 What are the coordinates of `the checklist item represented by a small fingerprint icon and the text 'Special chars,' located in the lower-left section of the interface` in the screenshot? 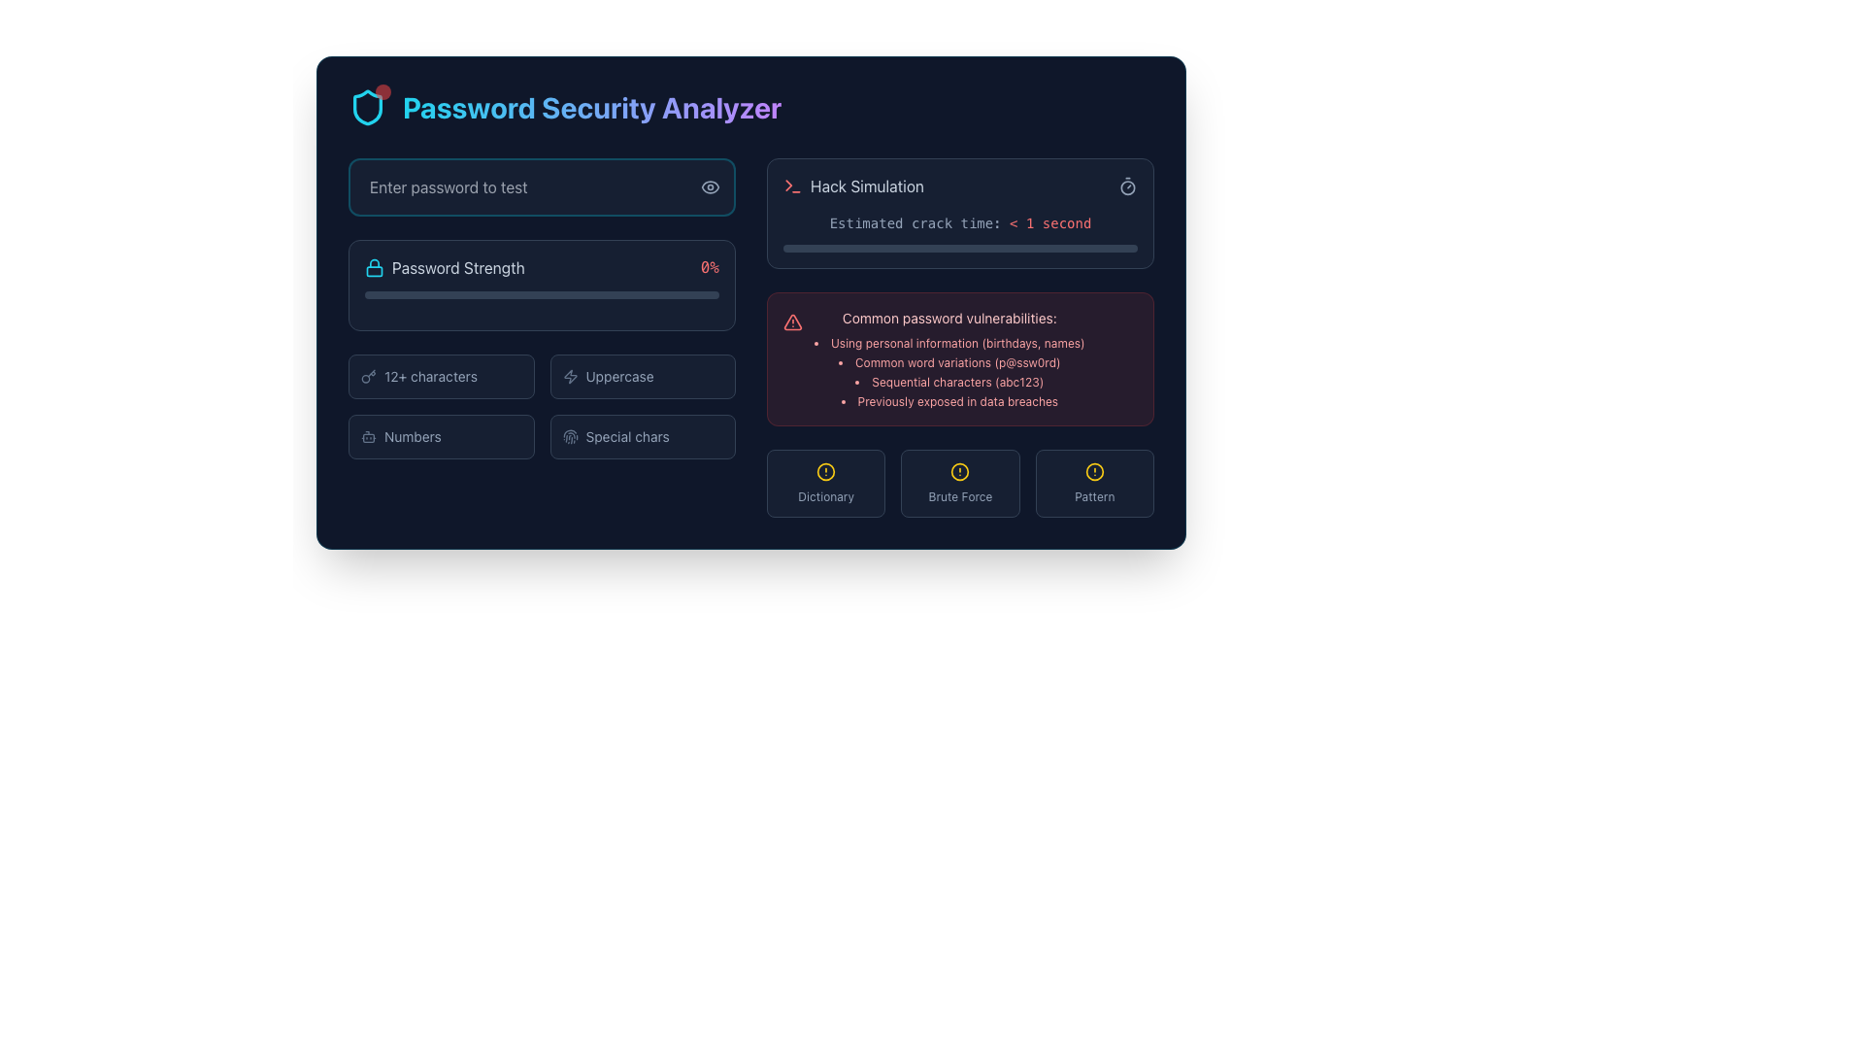 It's located at (643, 437).